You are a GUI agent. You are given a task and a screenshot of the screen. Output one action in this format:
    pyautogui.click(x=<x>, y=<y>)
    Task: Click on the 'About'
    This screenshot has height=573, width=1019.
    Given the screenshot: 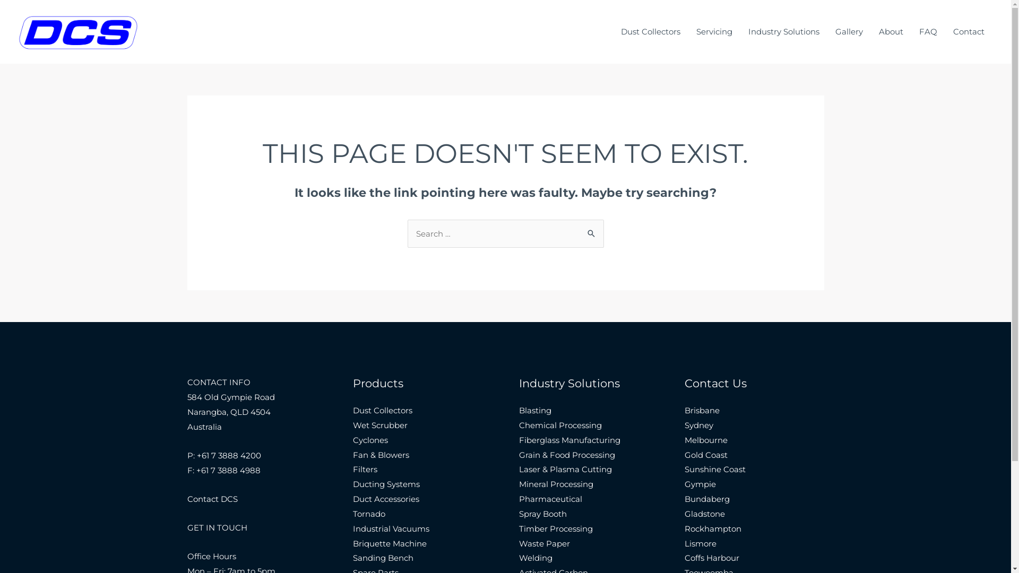 What is the action you would take?
    pyautogui.click(x=891, y=31)
    